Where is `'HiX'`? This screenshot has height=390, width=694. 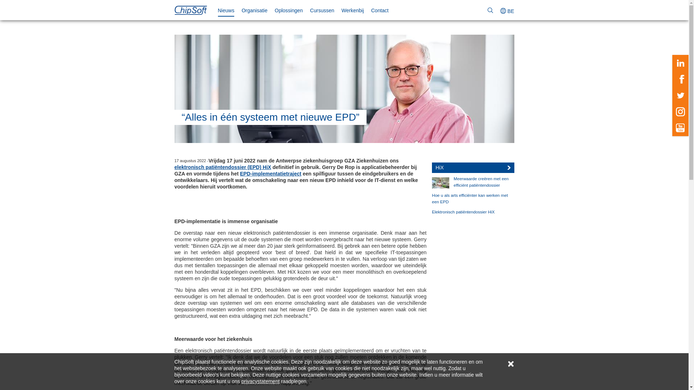
'HiX' is located at coordinates (473, 168).